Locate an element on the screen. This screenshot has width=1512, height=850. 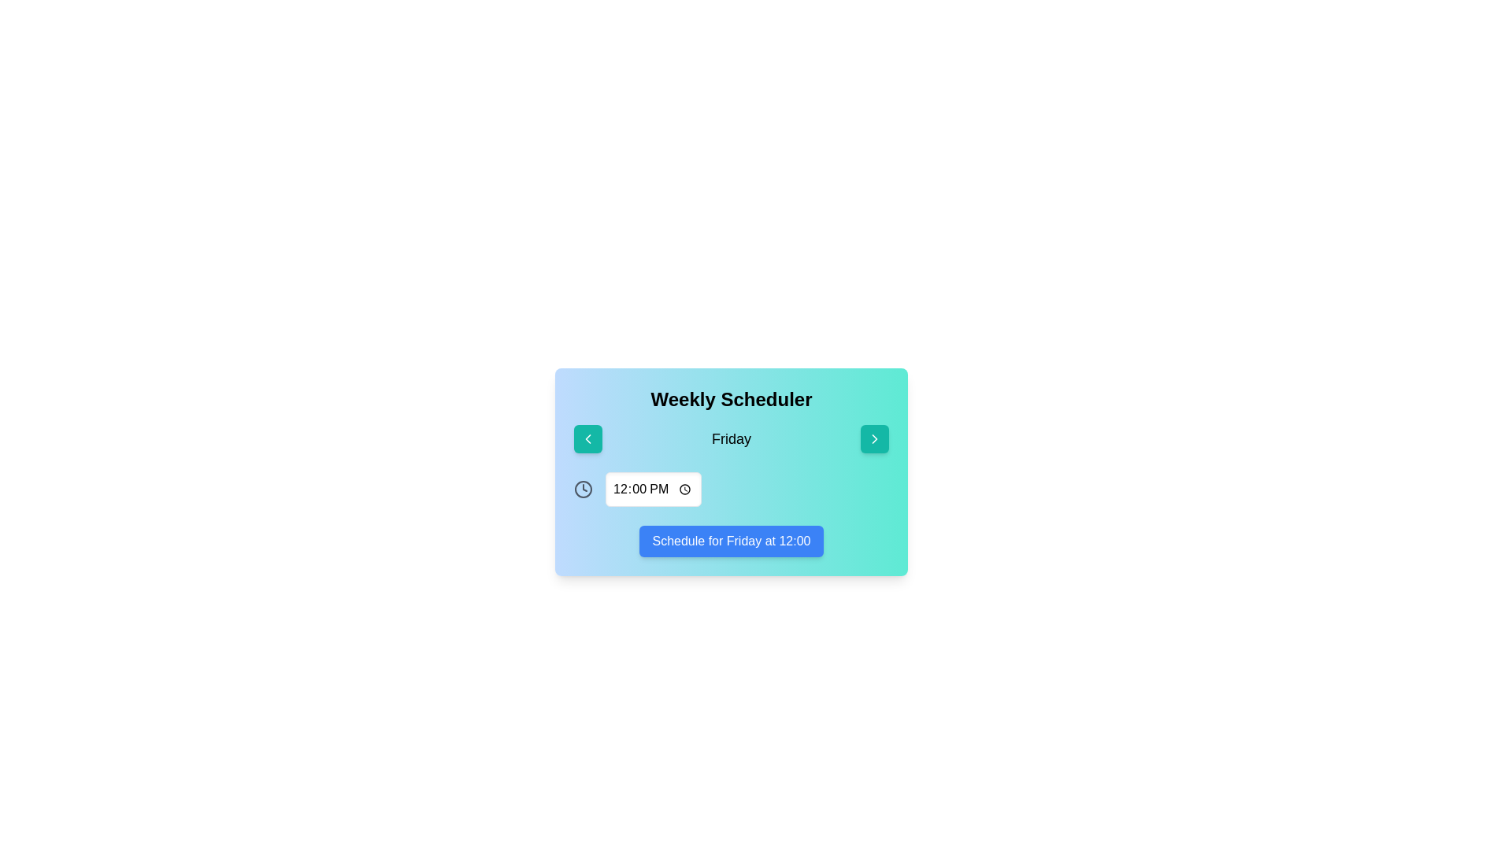
the scheduling button located at the bottom of the card displaying '12:00 PM', adjacent to the clock icon and navigation arrows, to indicate interactivity is located at coordinates (730, 540).